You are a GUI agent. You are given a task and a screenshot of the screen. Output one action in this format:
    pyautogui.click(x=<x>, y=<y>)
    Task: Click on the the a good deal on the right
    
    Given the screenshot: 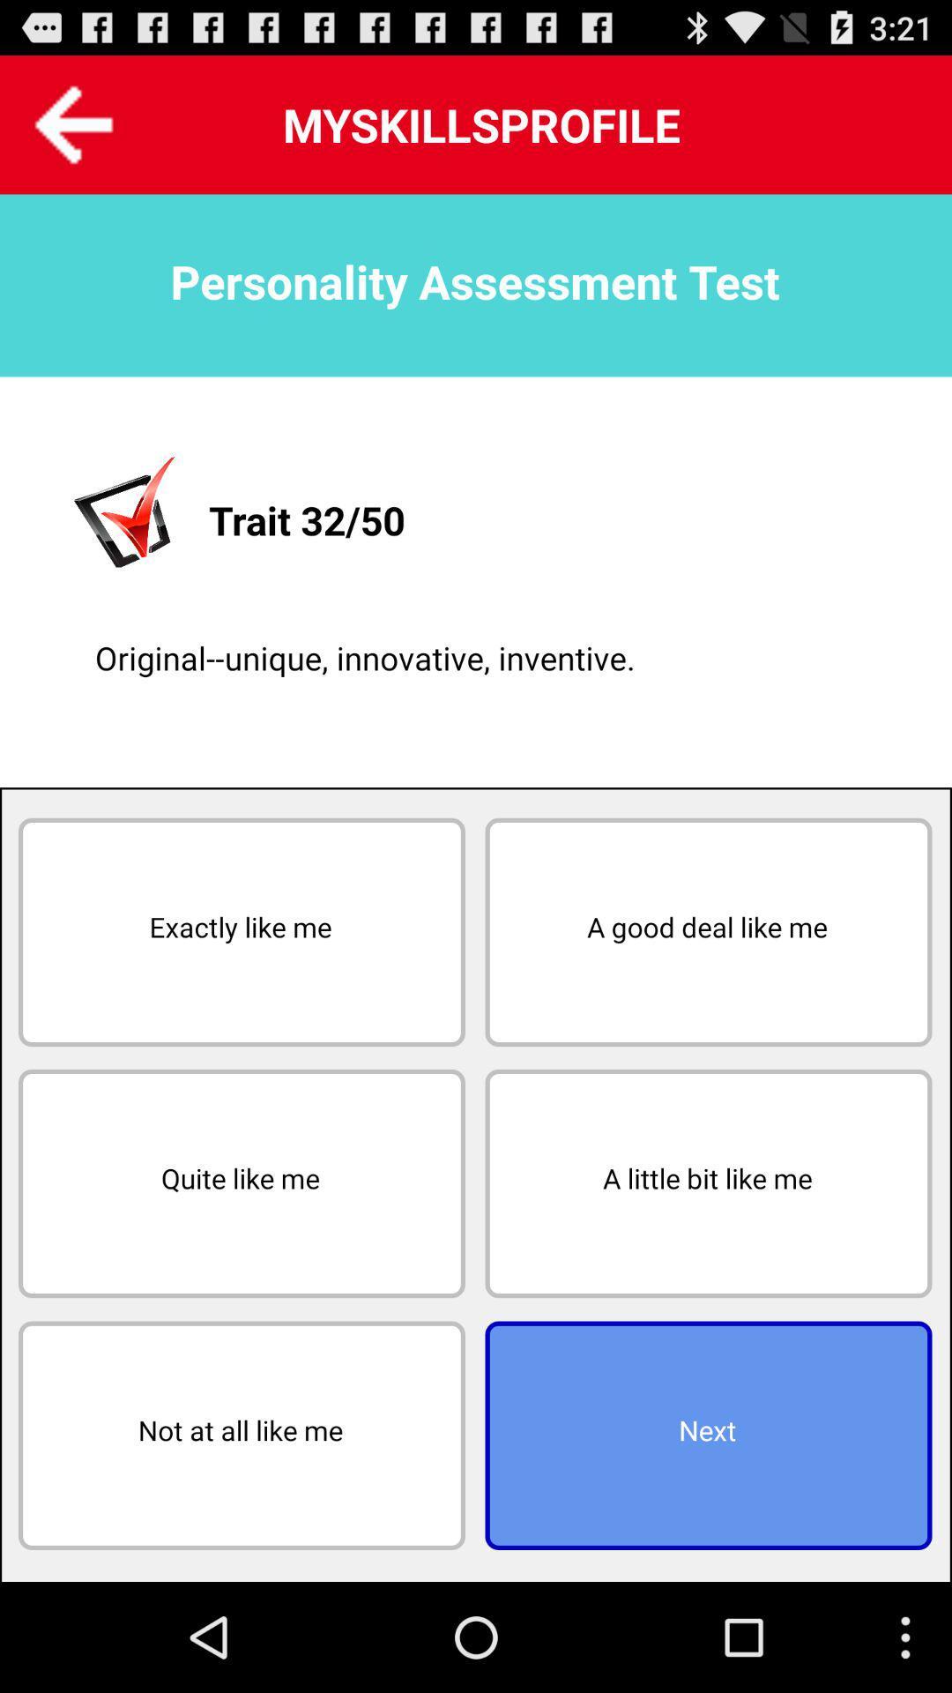 What is the action you would take?
    pyautogui.click(x=707, y=931)
    